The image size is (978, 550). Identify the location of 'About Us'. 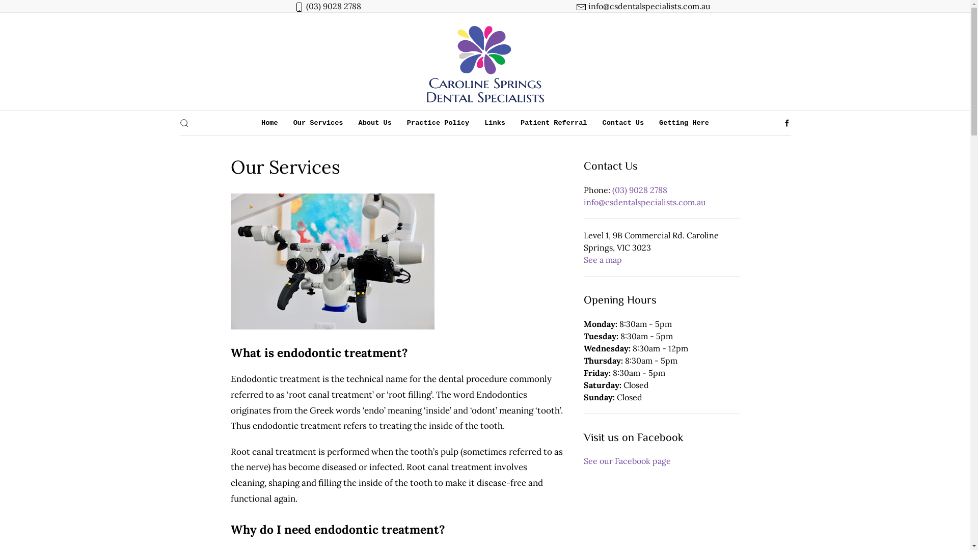
(351, 123).